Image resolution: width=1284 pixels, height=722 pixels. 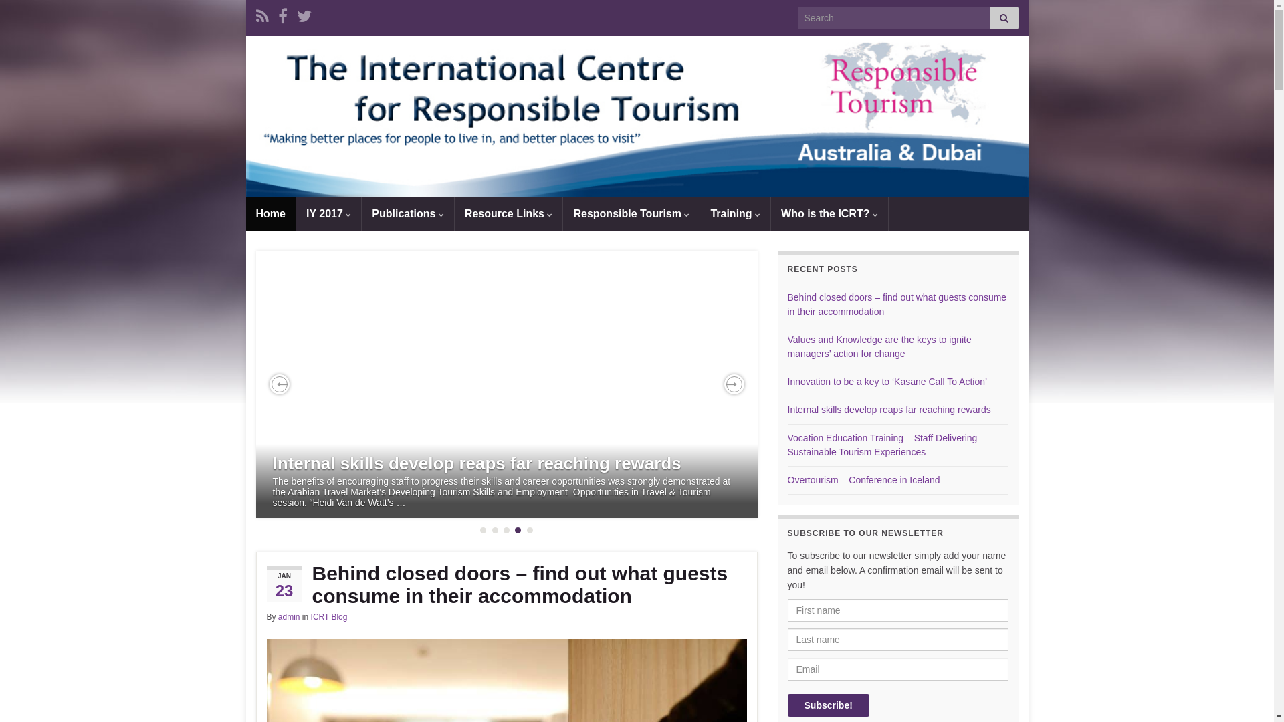 I want to click on 'Facebook', so click(x=282, y=14).